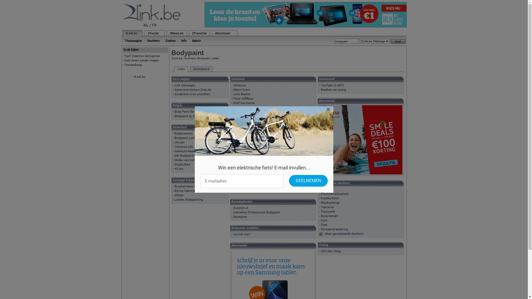 The image size is (532, 299). Describe the element at coordinates (244, 103) in the screenshot. I see `'Wolf Reicherter'` at that location.